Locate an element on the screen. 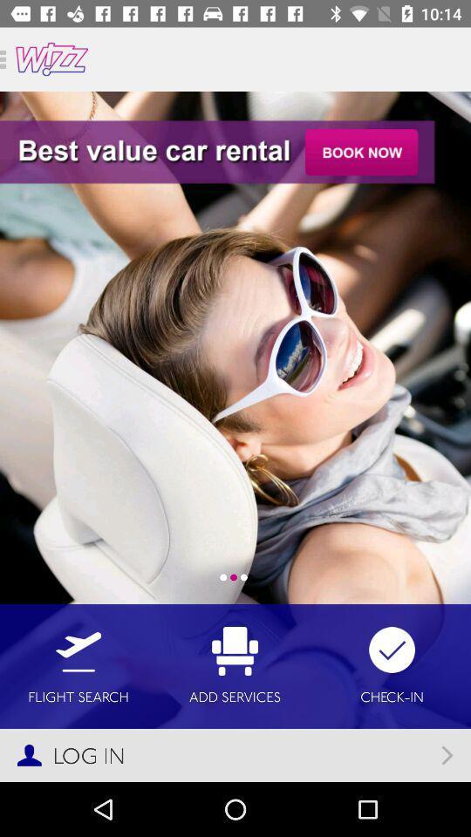 The height and width of the screenshot is (837, 471). item at the center is located at coordinates (235, 436).